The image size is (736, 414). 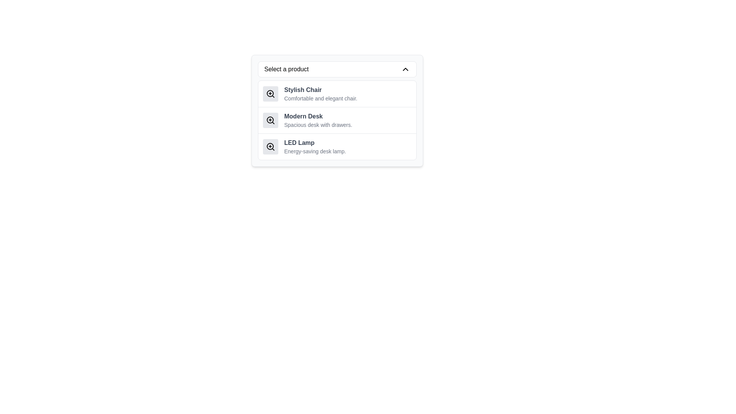 What do you see at coordinates (337, 120) in the screenshot?
I see `the 'Modern Desk' selectable product description item in the dropdown list using the arrow keys` at bounding box center [337, 120].